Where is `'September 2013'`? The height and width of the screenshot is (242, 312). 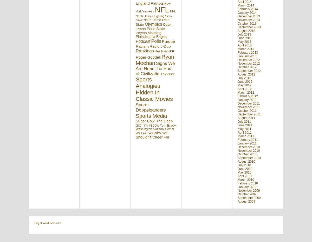 'September 2013' is located at coordinates (249, 27).